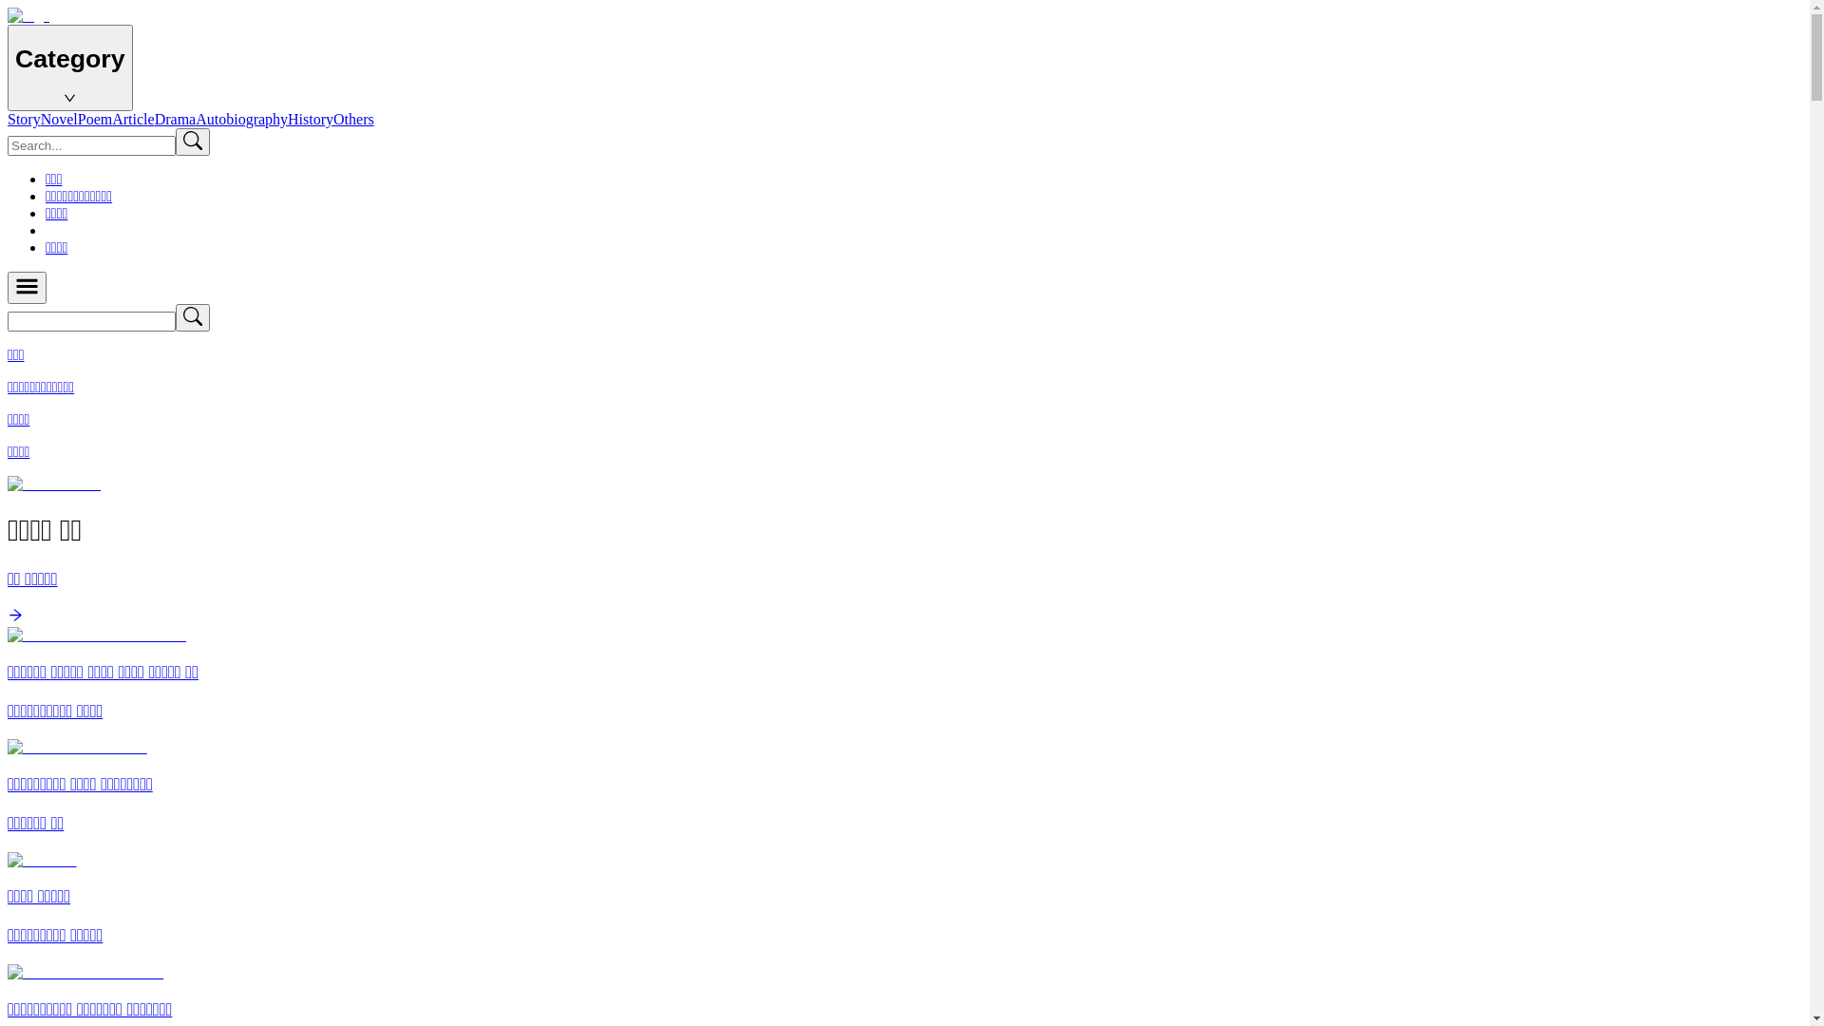 Image resolution: width=1824 pixels, height=1026 pixels. I want to click on 'Drama', so click(176, 119).